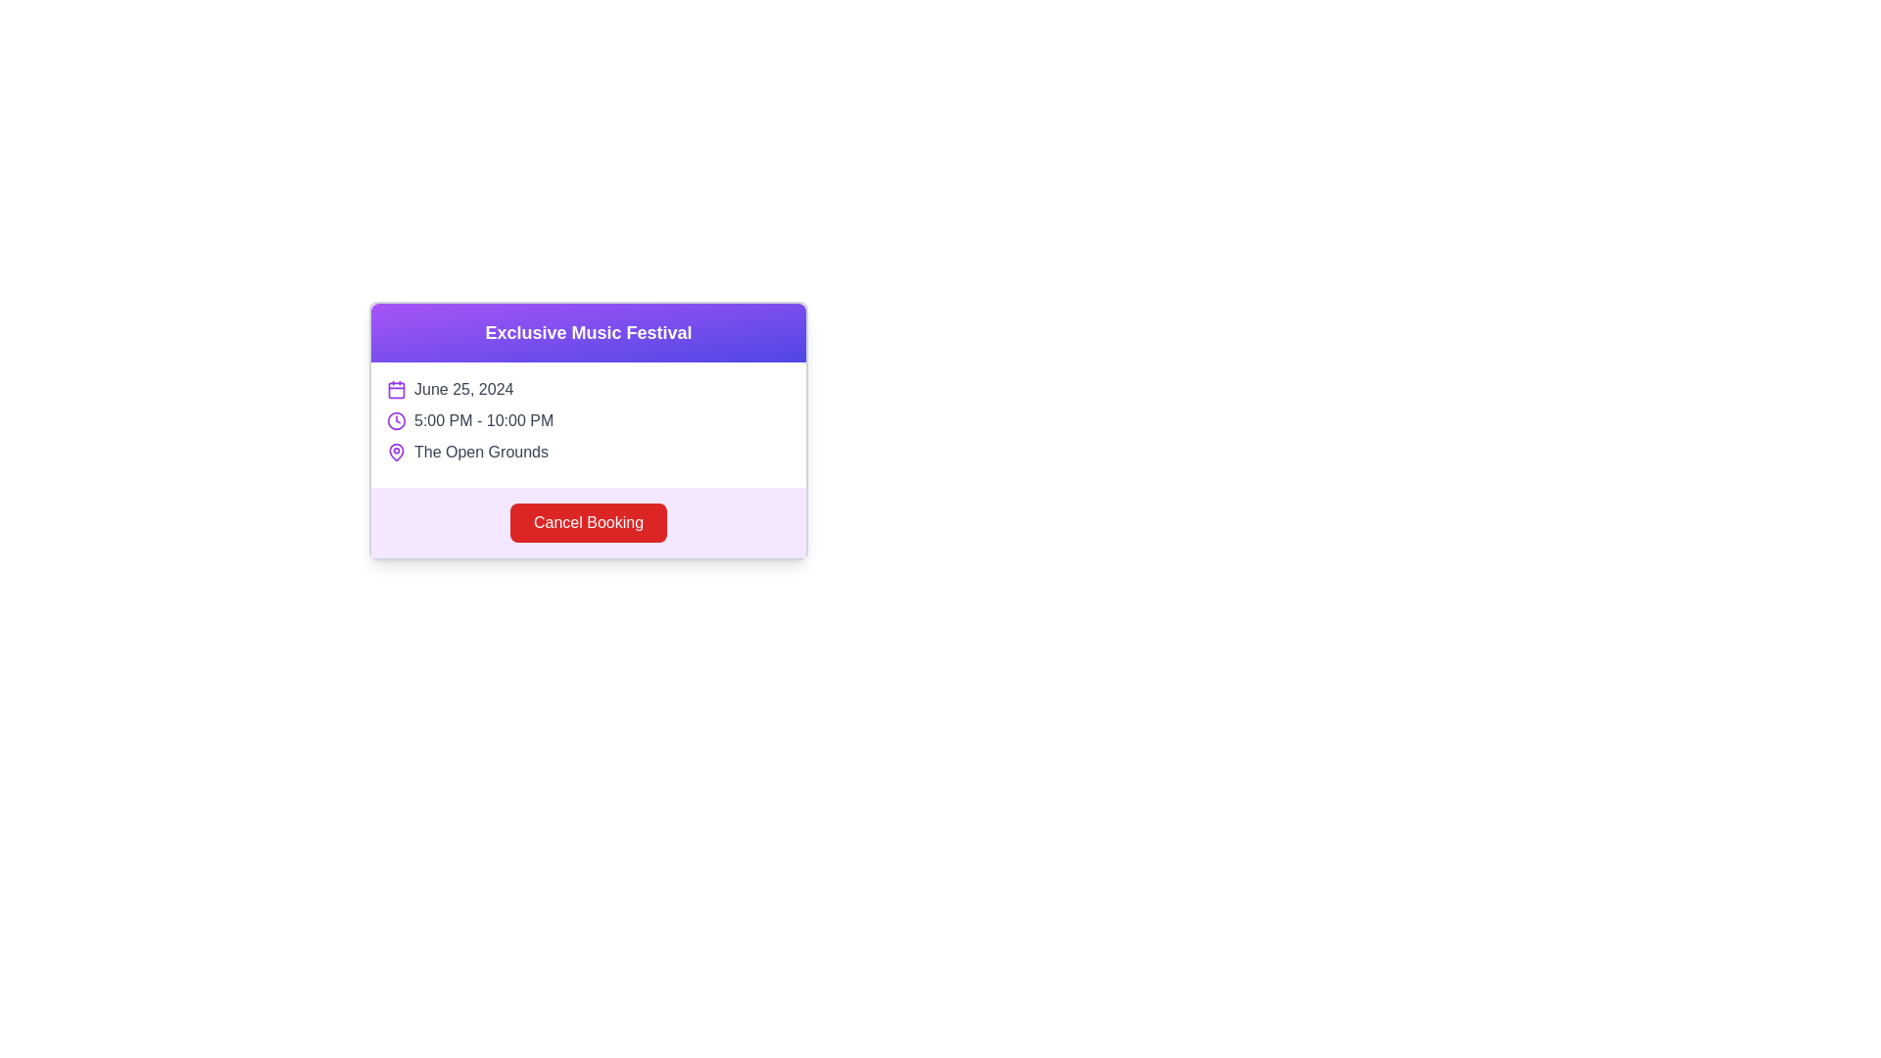 This screenshot has width=1881, height=1058. I want to click on the Text Label that indicates the location of an event, positioned at the bottom-center of the card, next to a purple location pin icon, so click(481, 453).